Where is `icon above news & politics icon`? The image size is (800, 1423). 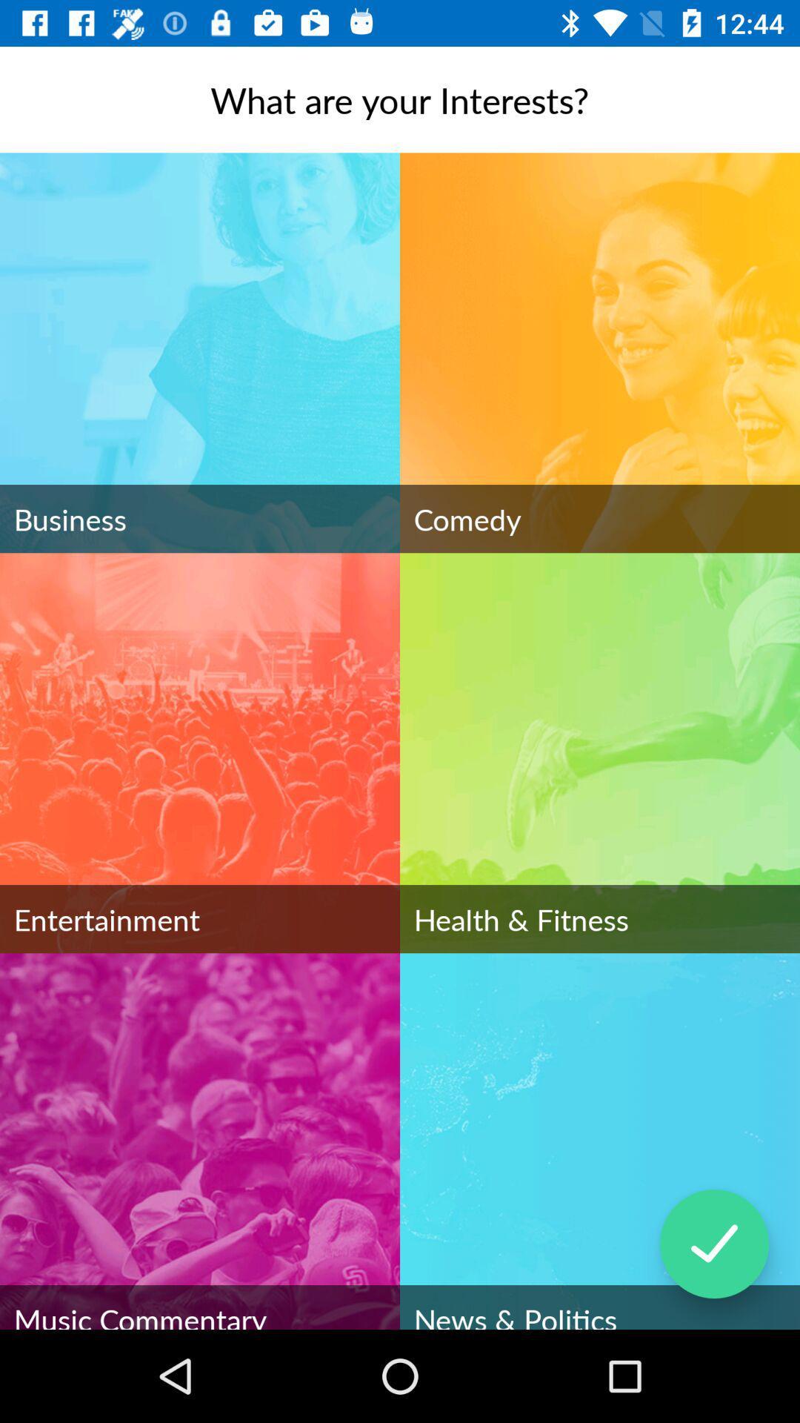 icon above news & politics icon is located at coordinates (713, 1244).